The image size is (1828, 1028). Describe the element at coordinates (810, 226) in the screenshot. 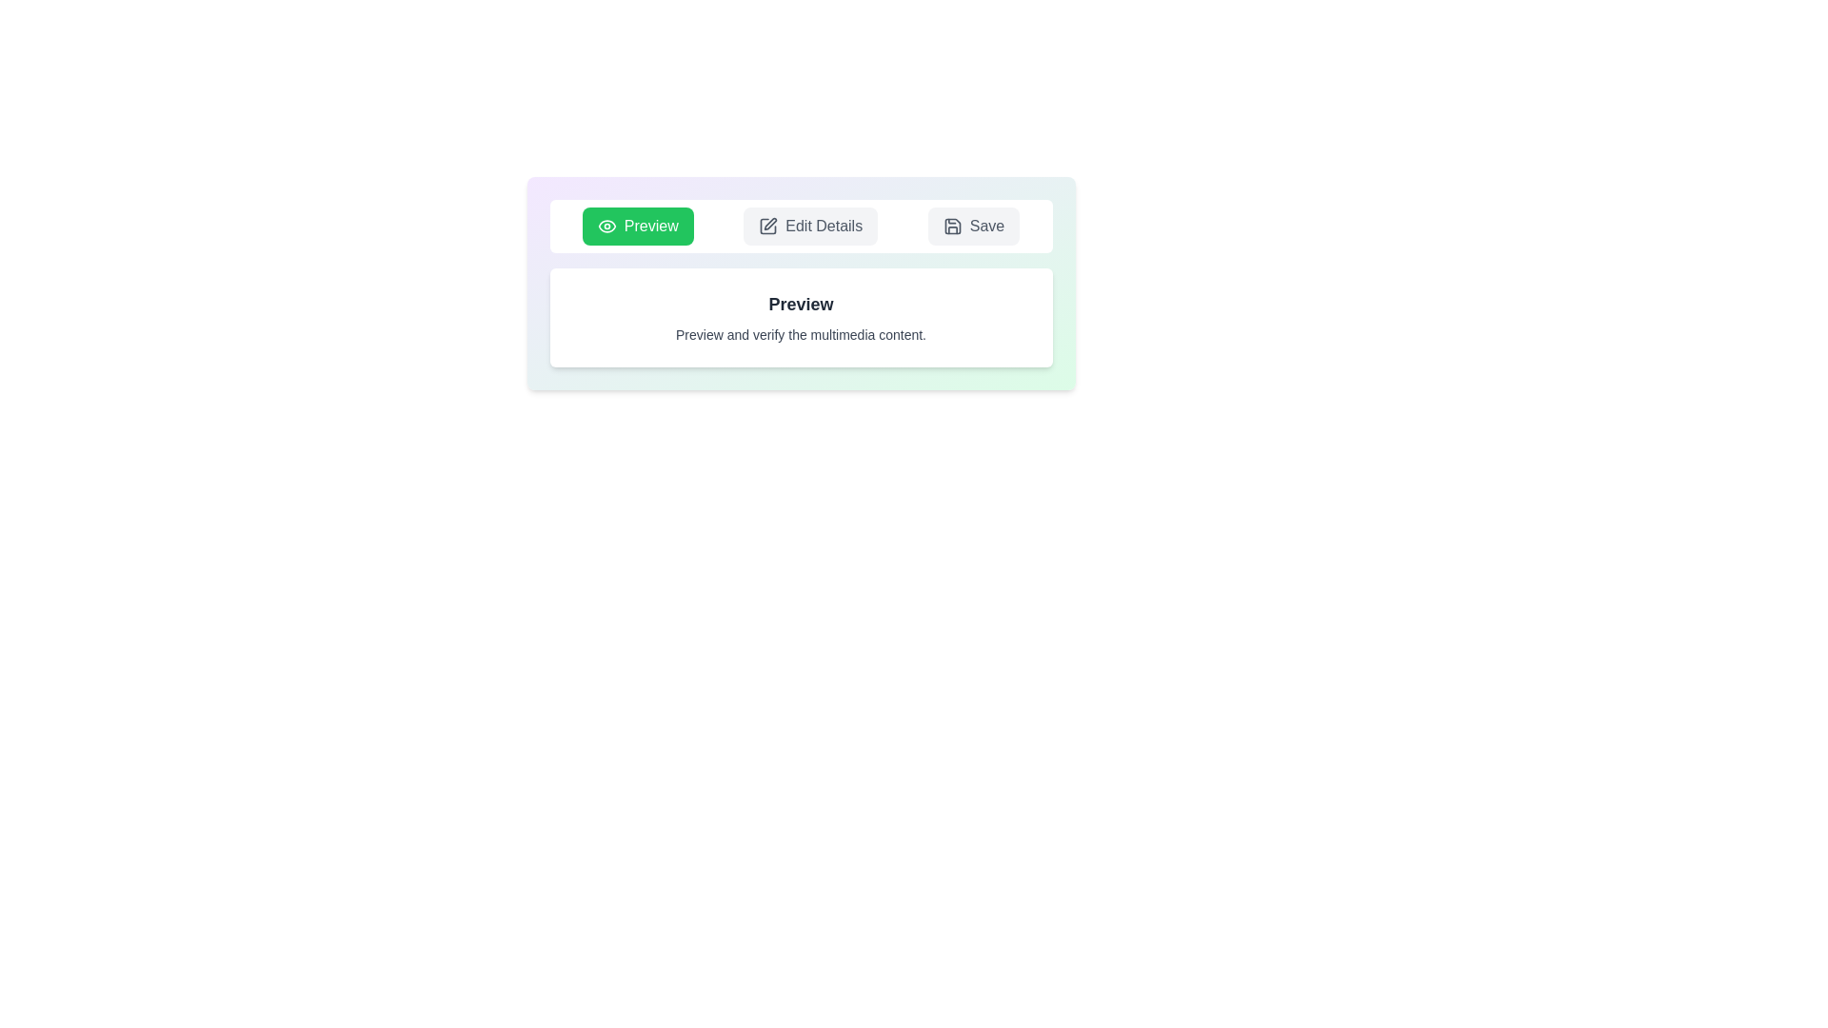

I see `the tab corresponding to Edit Details` at that location.